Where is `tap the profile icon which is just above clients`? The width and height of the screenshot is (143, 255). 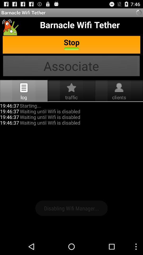 tap the profile icon which is just above clients is located at coordinates (119, 88).